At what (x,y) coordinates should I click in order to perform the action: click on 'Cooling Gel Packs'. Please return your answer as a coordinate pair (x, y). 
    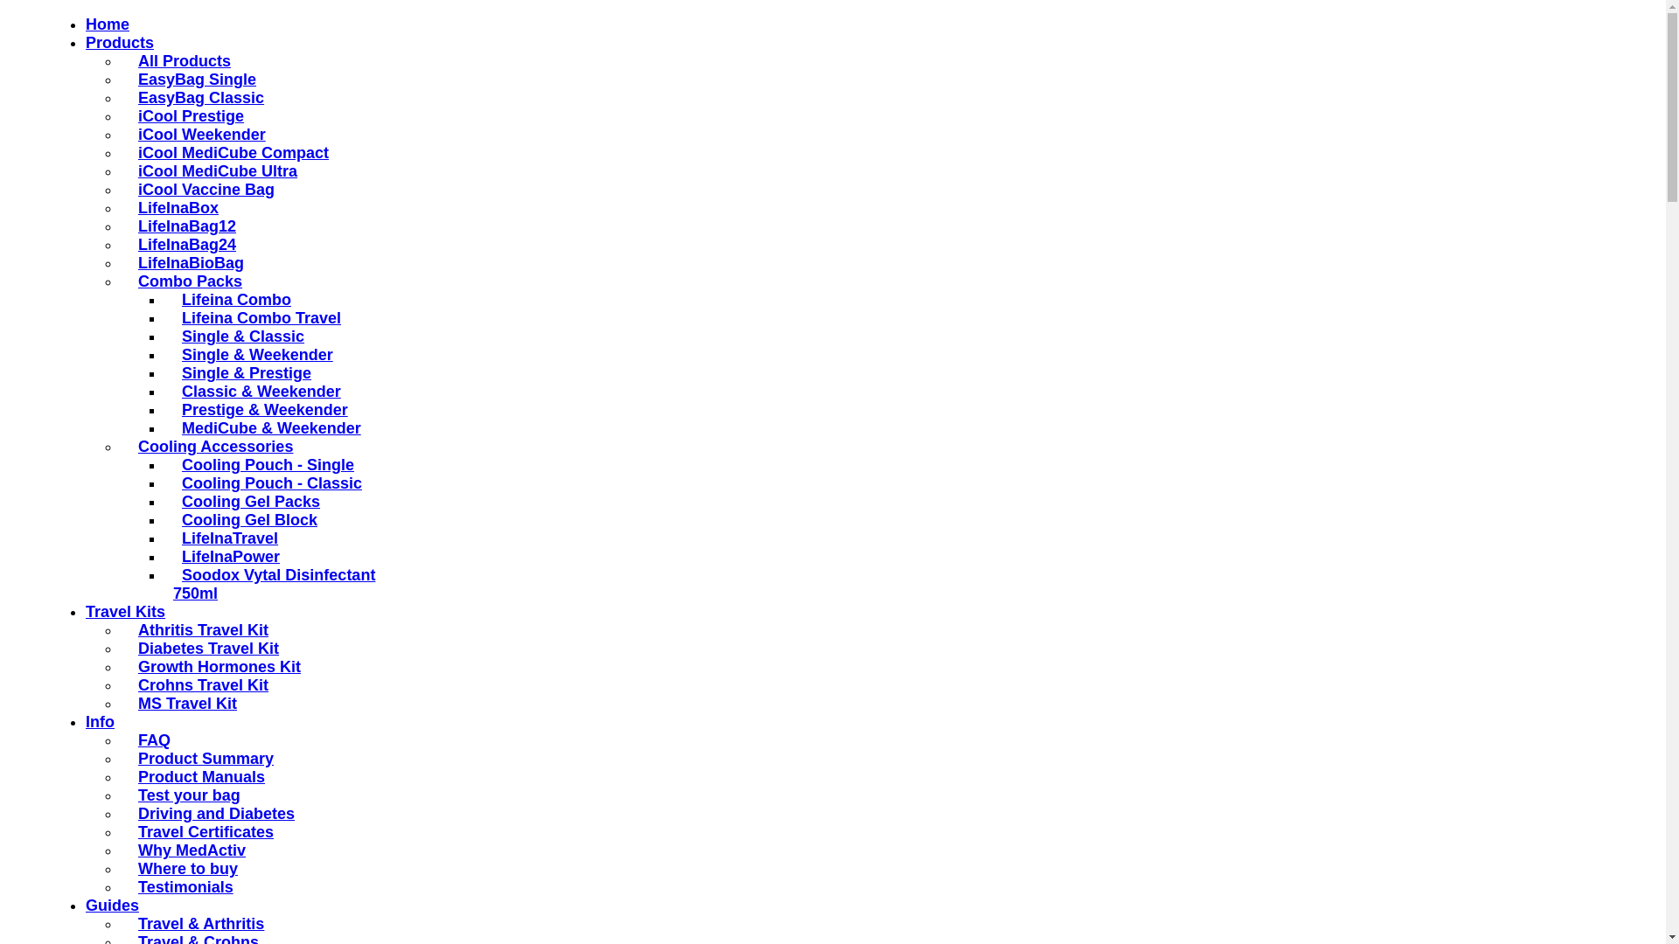
    Looking at the image, I should click on (246, 502).